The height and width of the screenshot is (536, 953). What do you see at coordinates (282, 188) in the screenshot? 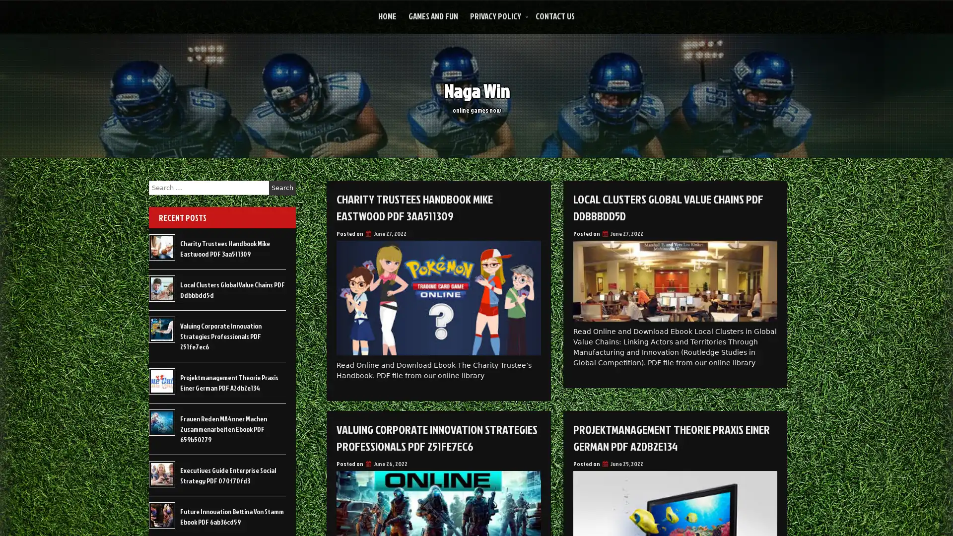
I see `Search` at bounding box center [282, 188].